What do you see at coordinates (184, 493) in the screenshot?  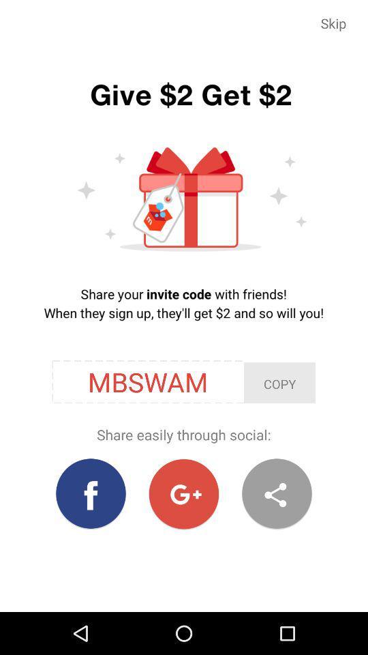 I see `item below share easily through` at bounding box center [184, 493].